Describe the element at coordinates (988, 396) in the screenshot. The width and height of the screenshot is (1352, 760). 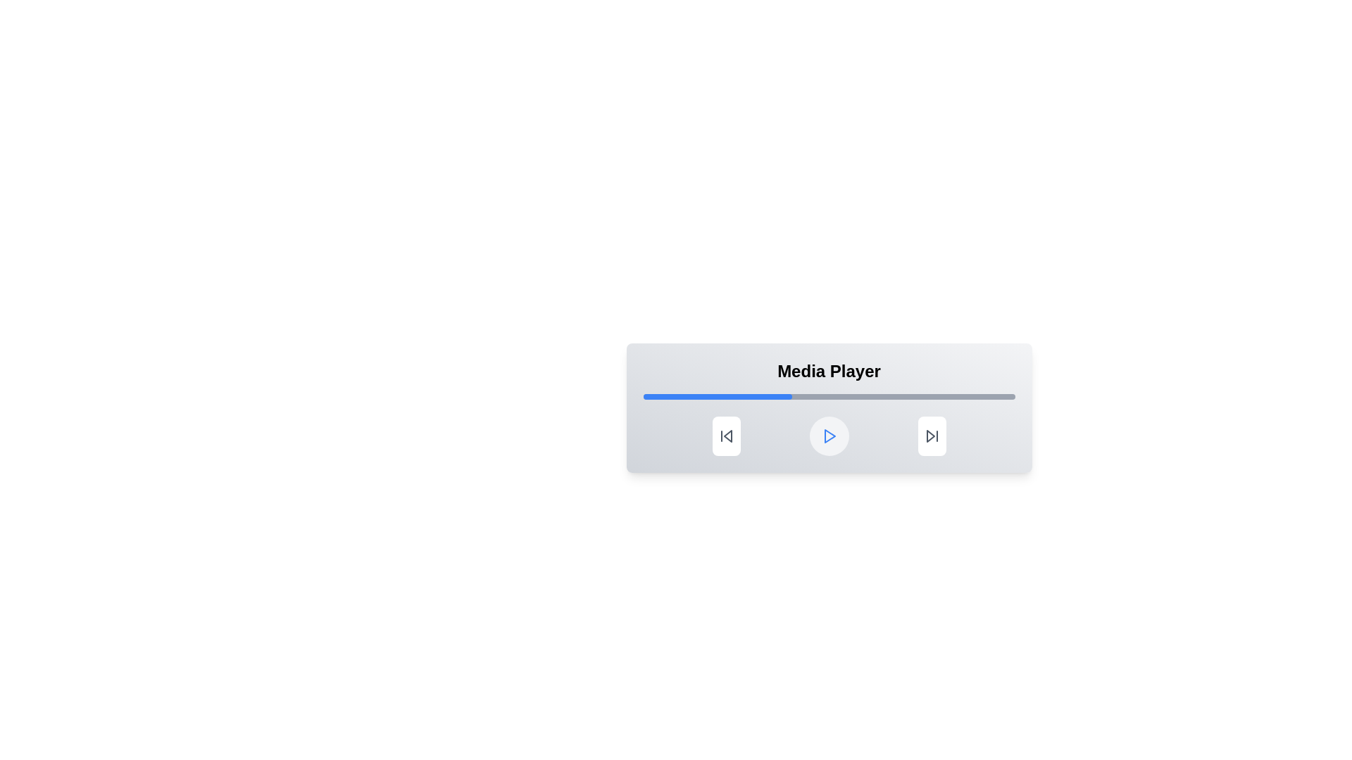
I see `the progress bar` at that location.